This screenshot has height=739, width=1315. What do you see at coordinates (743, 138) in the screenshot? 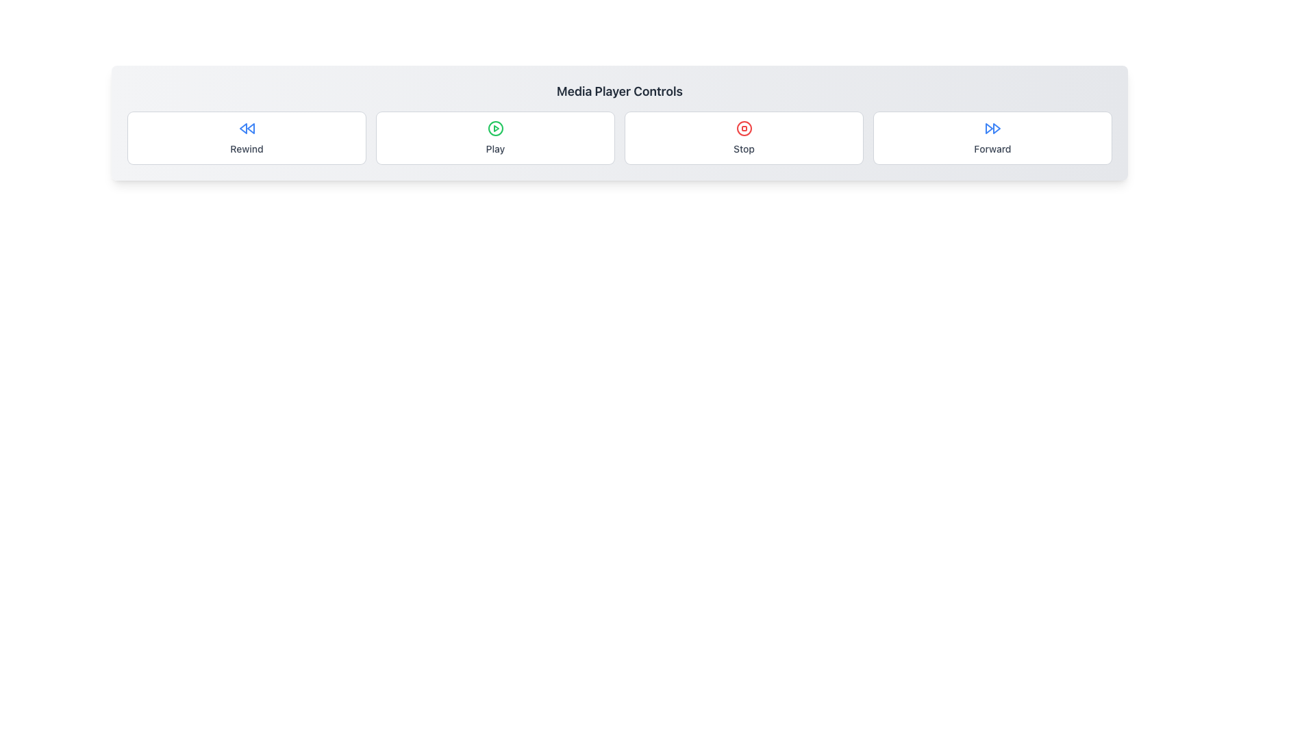
I see `the stop button, which is the third button in a sequence of four, to trigger visual feedback` at bounding box center [743, 138].